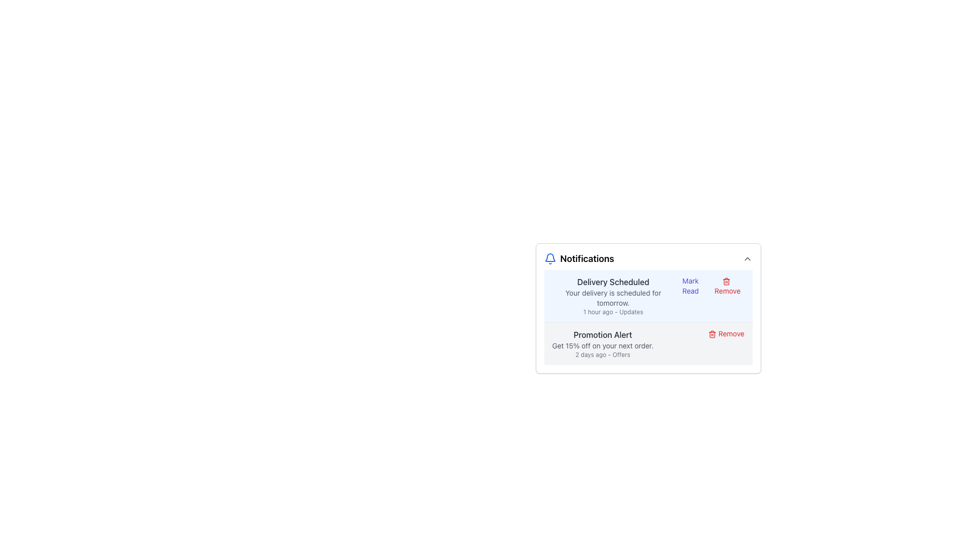 This screenshot has width=966, height=543. Describe the element at coordinates (603, 343) in the screenshot. I see `text notification block that provides details about a promotion offering a discount, positioned below the 'Delivery Scheduled' notification` at that location.